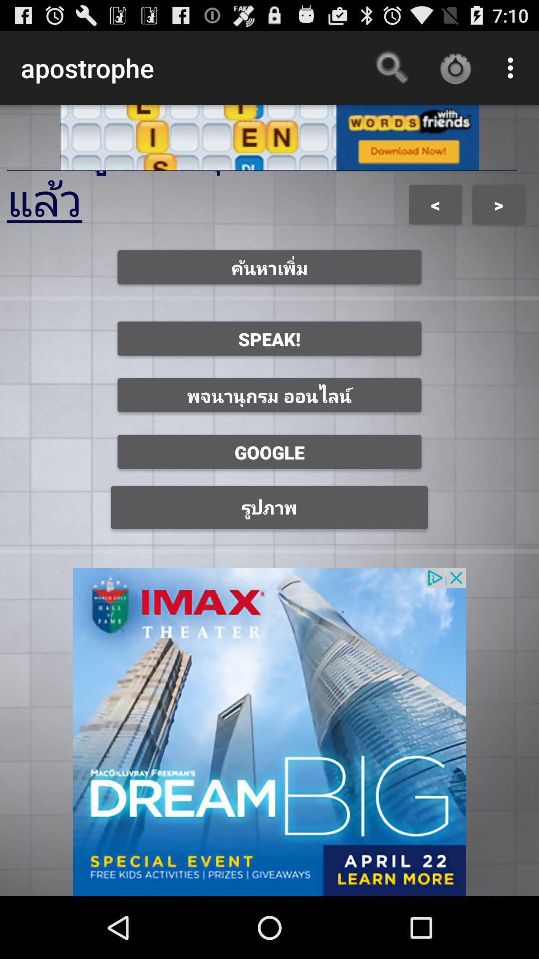 The height and width of the screenshot is (959, 539). What do you see at coordinates (392, 68) in the screenshot?
I see `the first icon on the top right of the page` at bounding box center [392, 68].